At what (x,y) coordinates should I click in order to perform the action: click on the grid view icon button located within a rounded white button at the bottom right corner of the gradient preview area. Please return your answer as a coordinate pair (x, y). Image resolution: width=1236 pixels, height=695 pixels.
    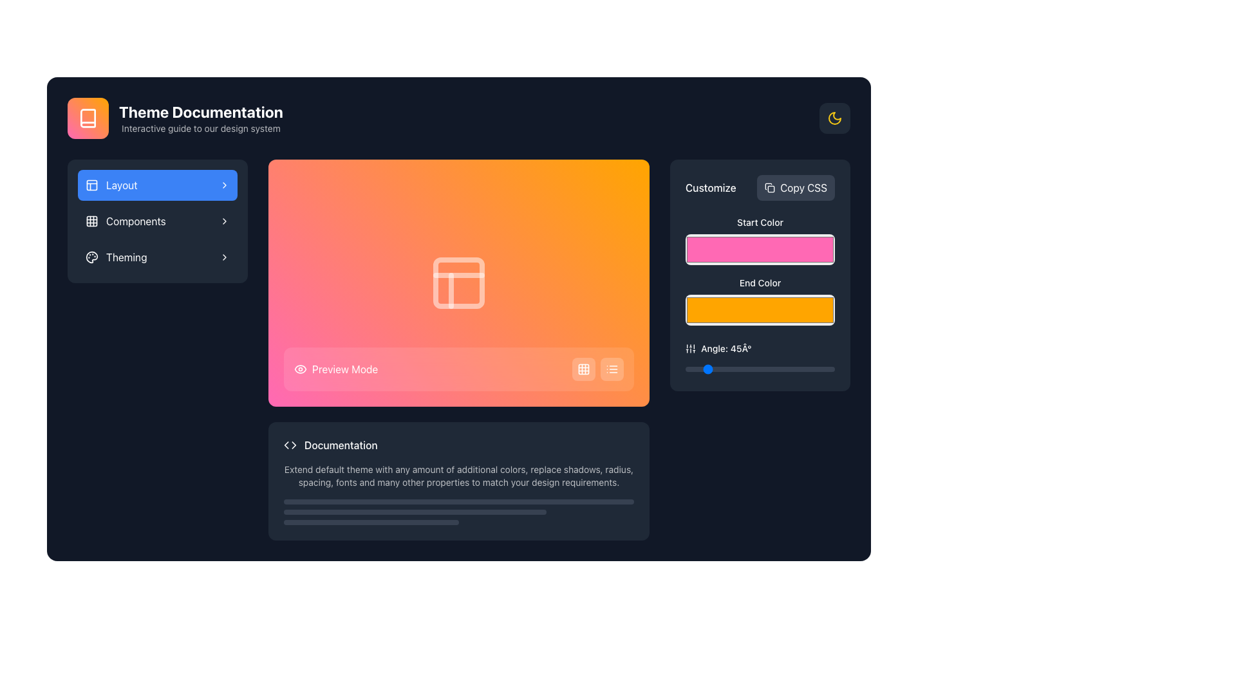
    Looking at the image, I should click on (583, 369).